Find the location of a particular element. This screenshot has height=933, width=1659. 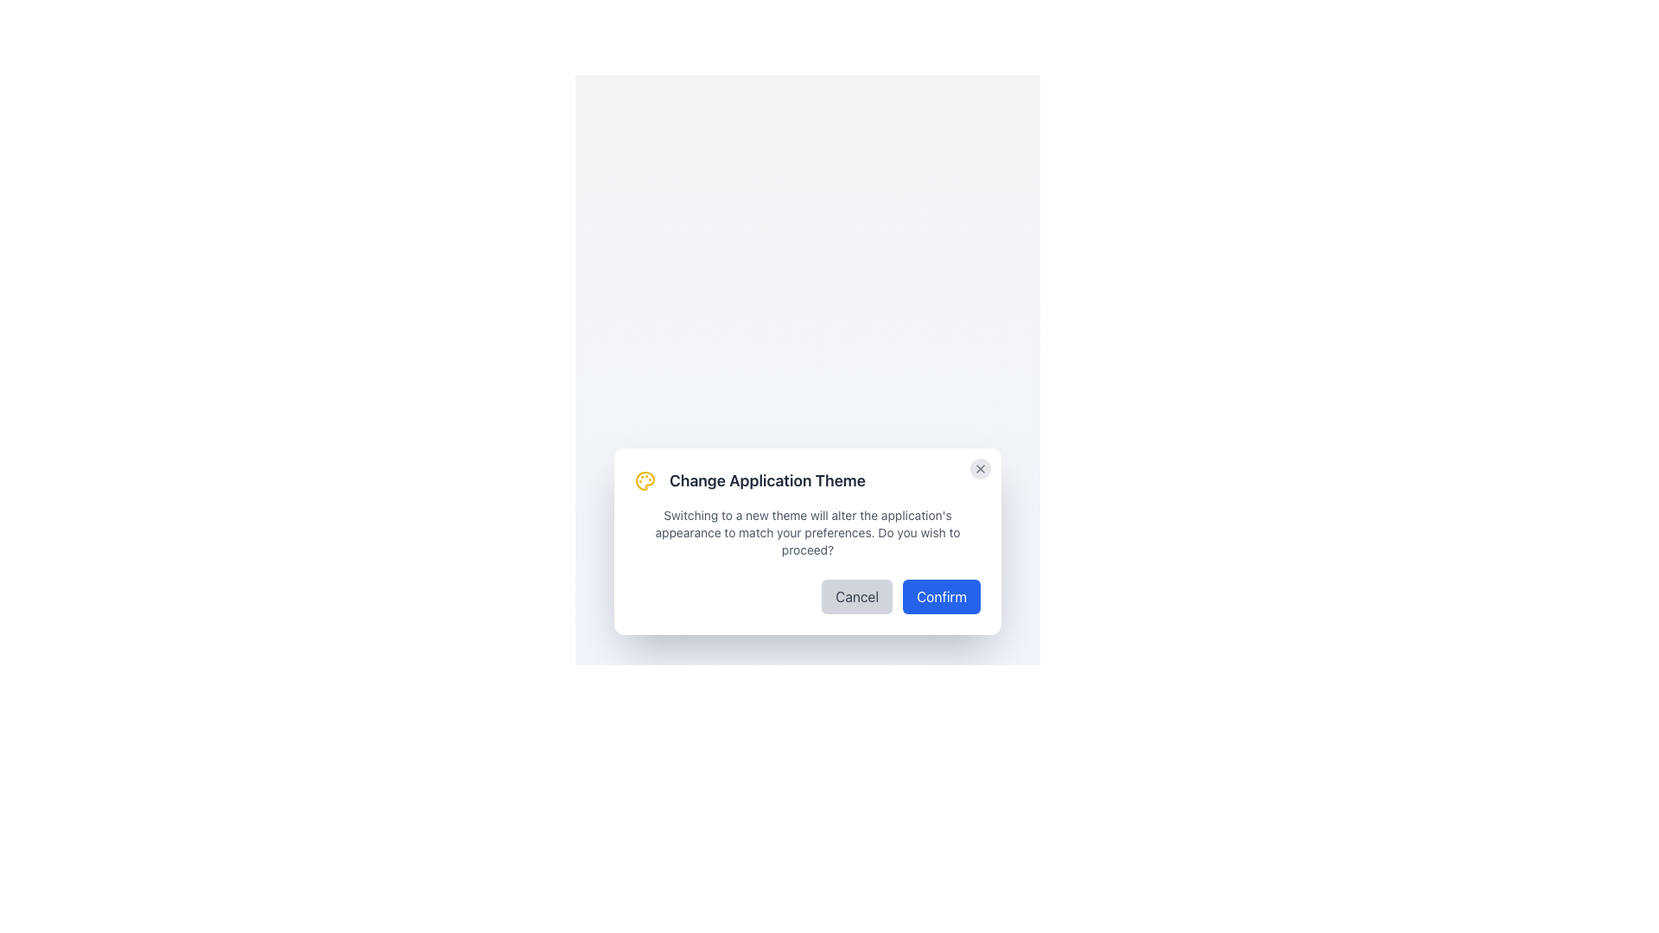

the cancel button located at the bottom left of the dialog box is located at coordinates (857, 595).